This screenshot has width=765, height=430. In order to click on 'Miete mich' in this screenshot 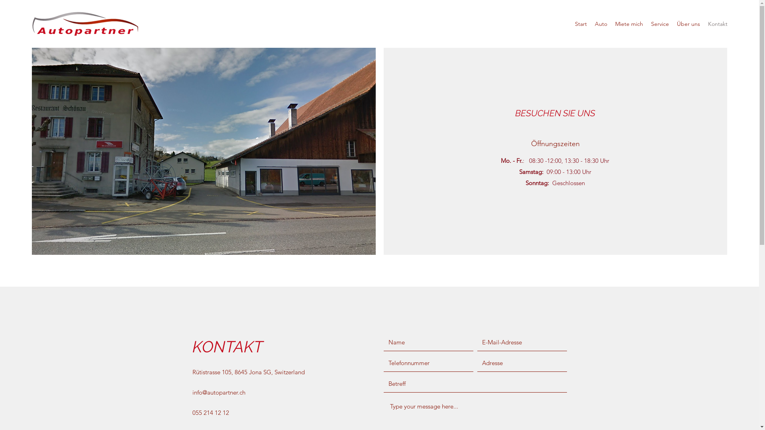, I will do `click(629, 23)`.